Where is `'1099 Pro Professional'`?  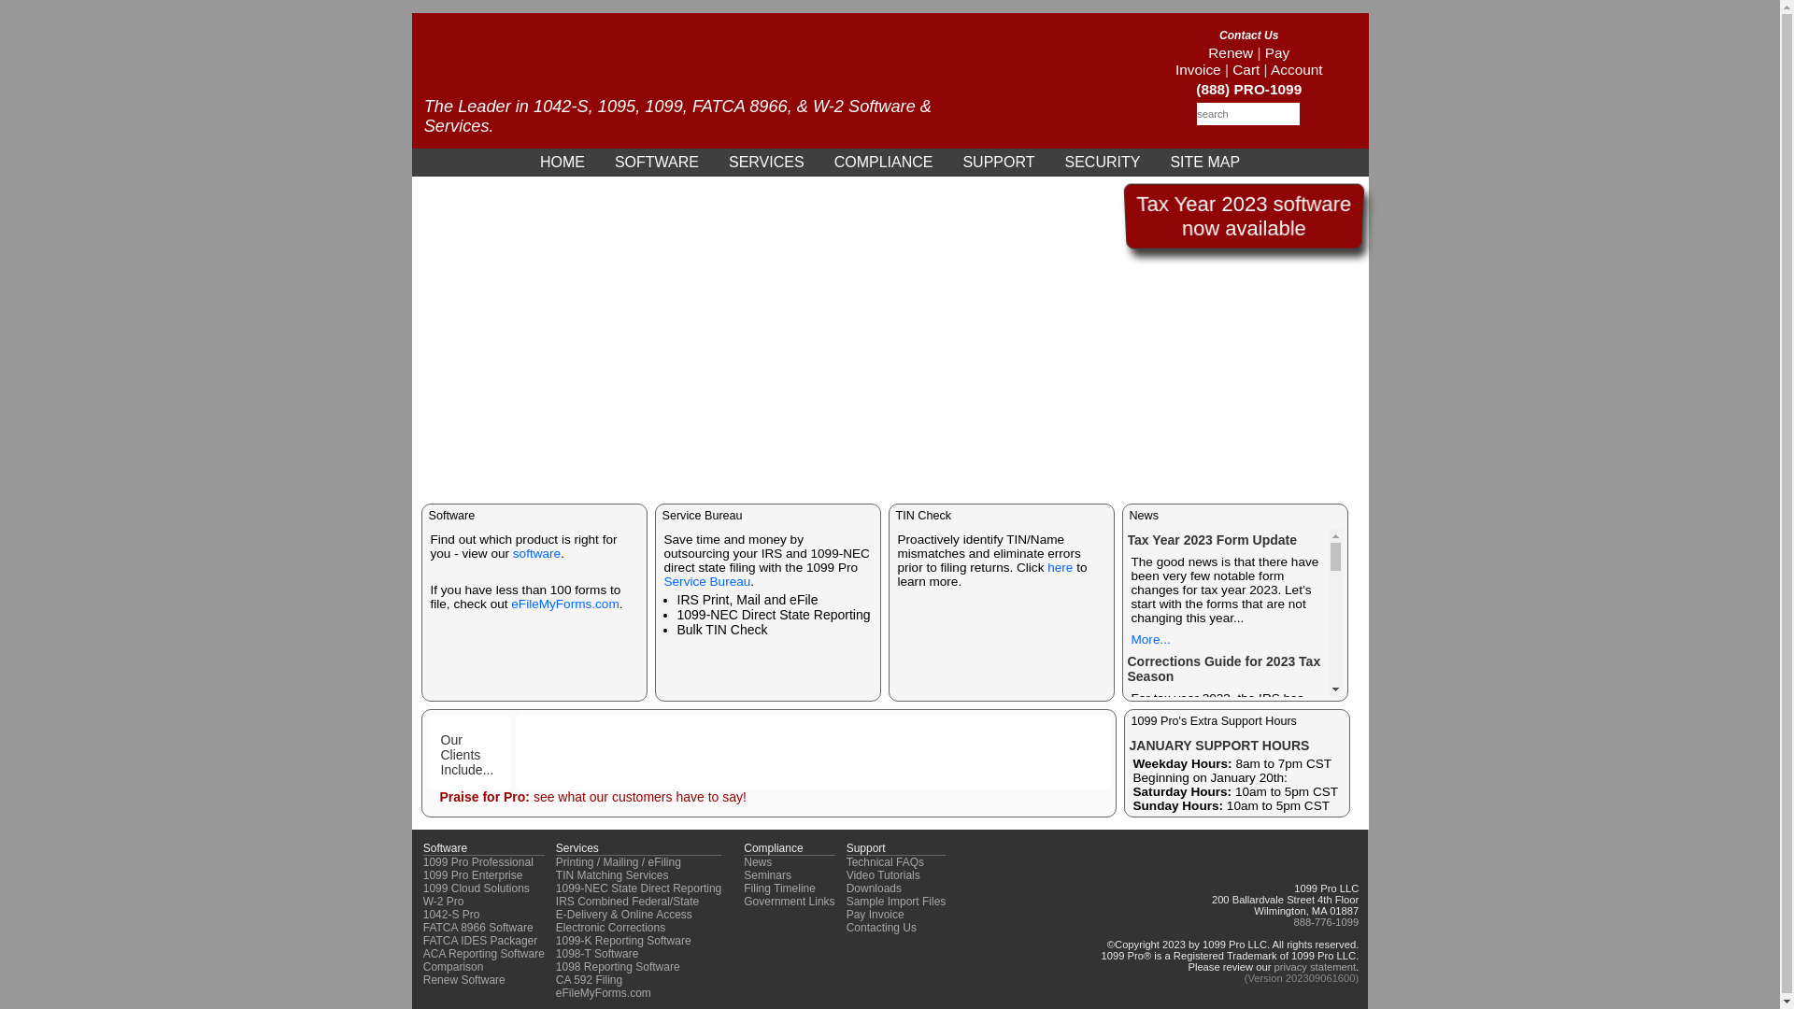 '1099 Pro Professional' is located at coordinates (478, 861).